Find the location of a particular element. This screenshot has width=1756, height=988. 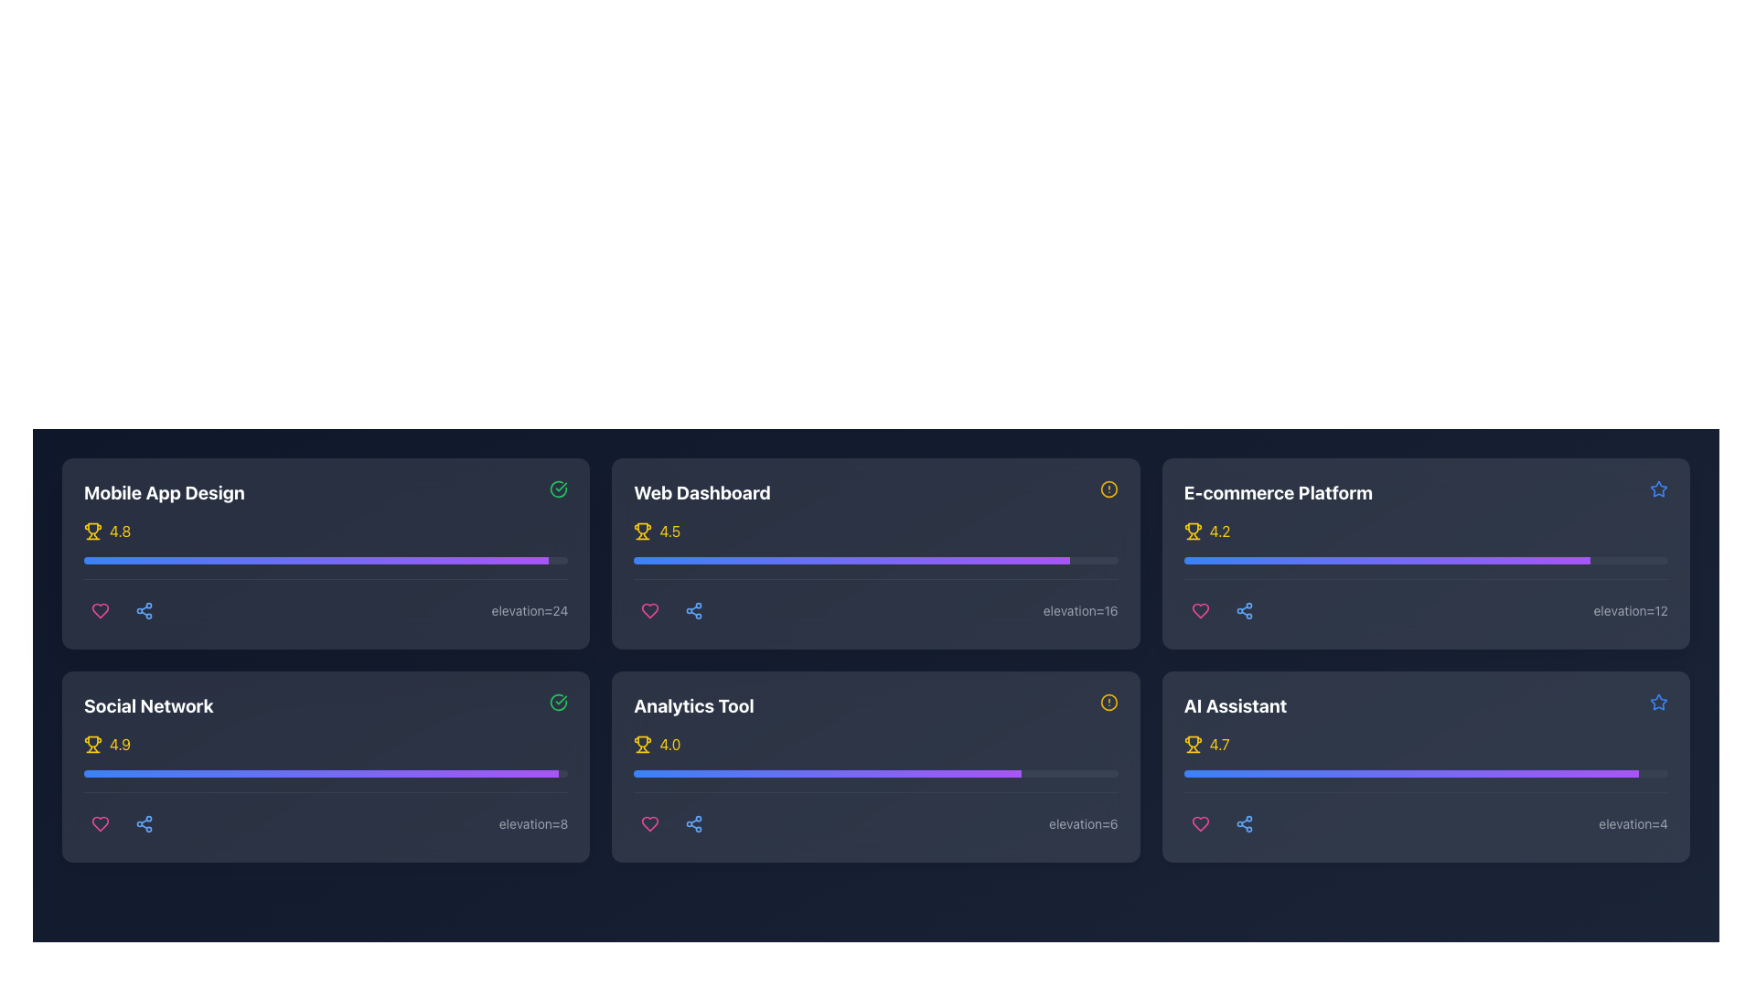

the share icon located in the bottom center of the 'AI Assistant' card to initiate a share prompt is located at coordinates (1244, 824).